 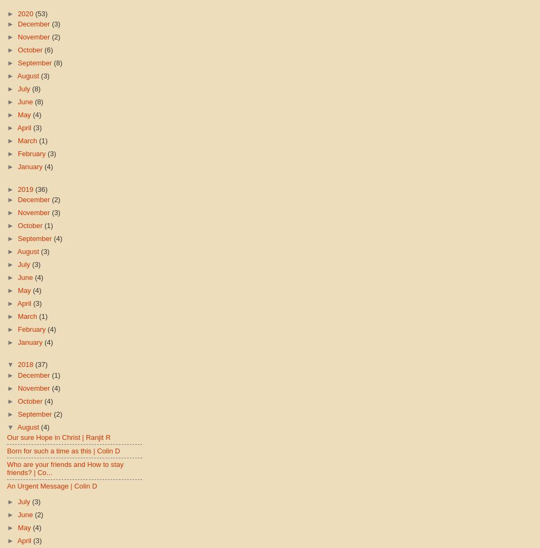 What do you see at coordinates (41, 188) in the screenshot?
I see `'(36)'` at bounding box center [41, 188].